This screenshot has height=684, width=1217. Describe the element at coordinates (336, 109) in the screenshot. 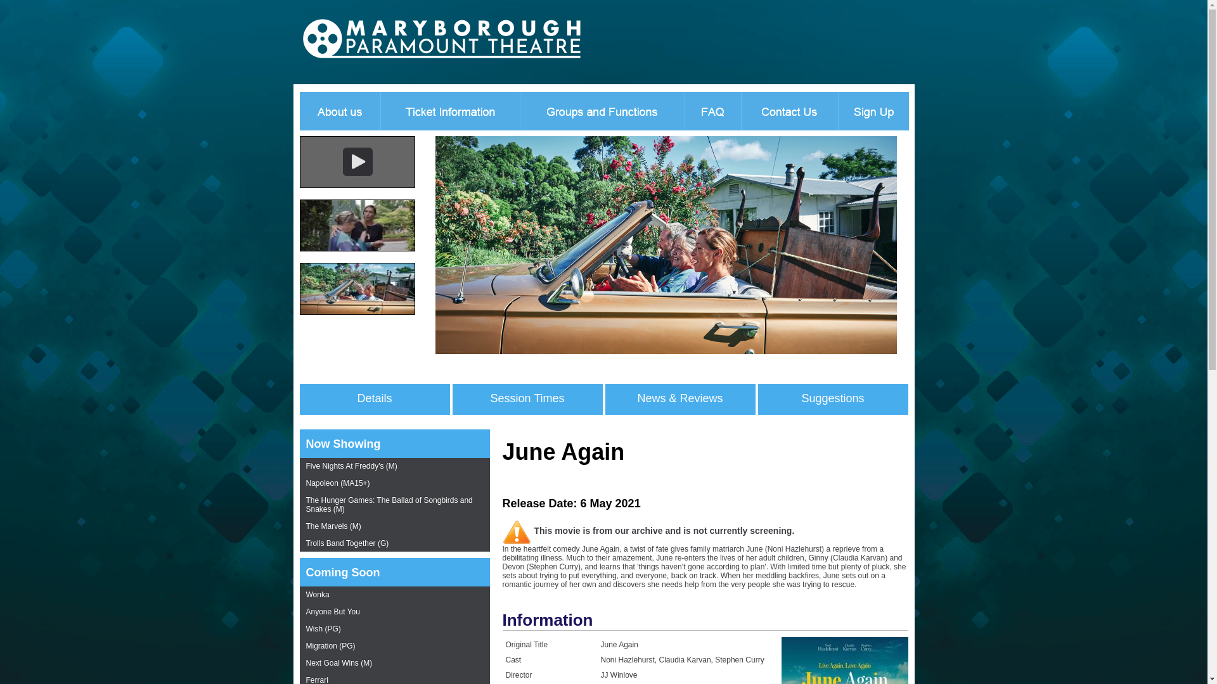

I see `'About Us'` at that location.